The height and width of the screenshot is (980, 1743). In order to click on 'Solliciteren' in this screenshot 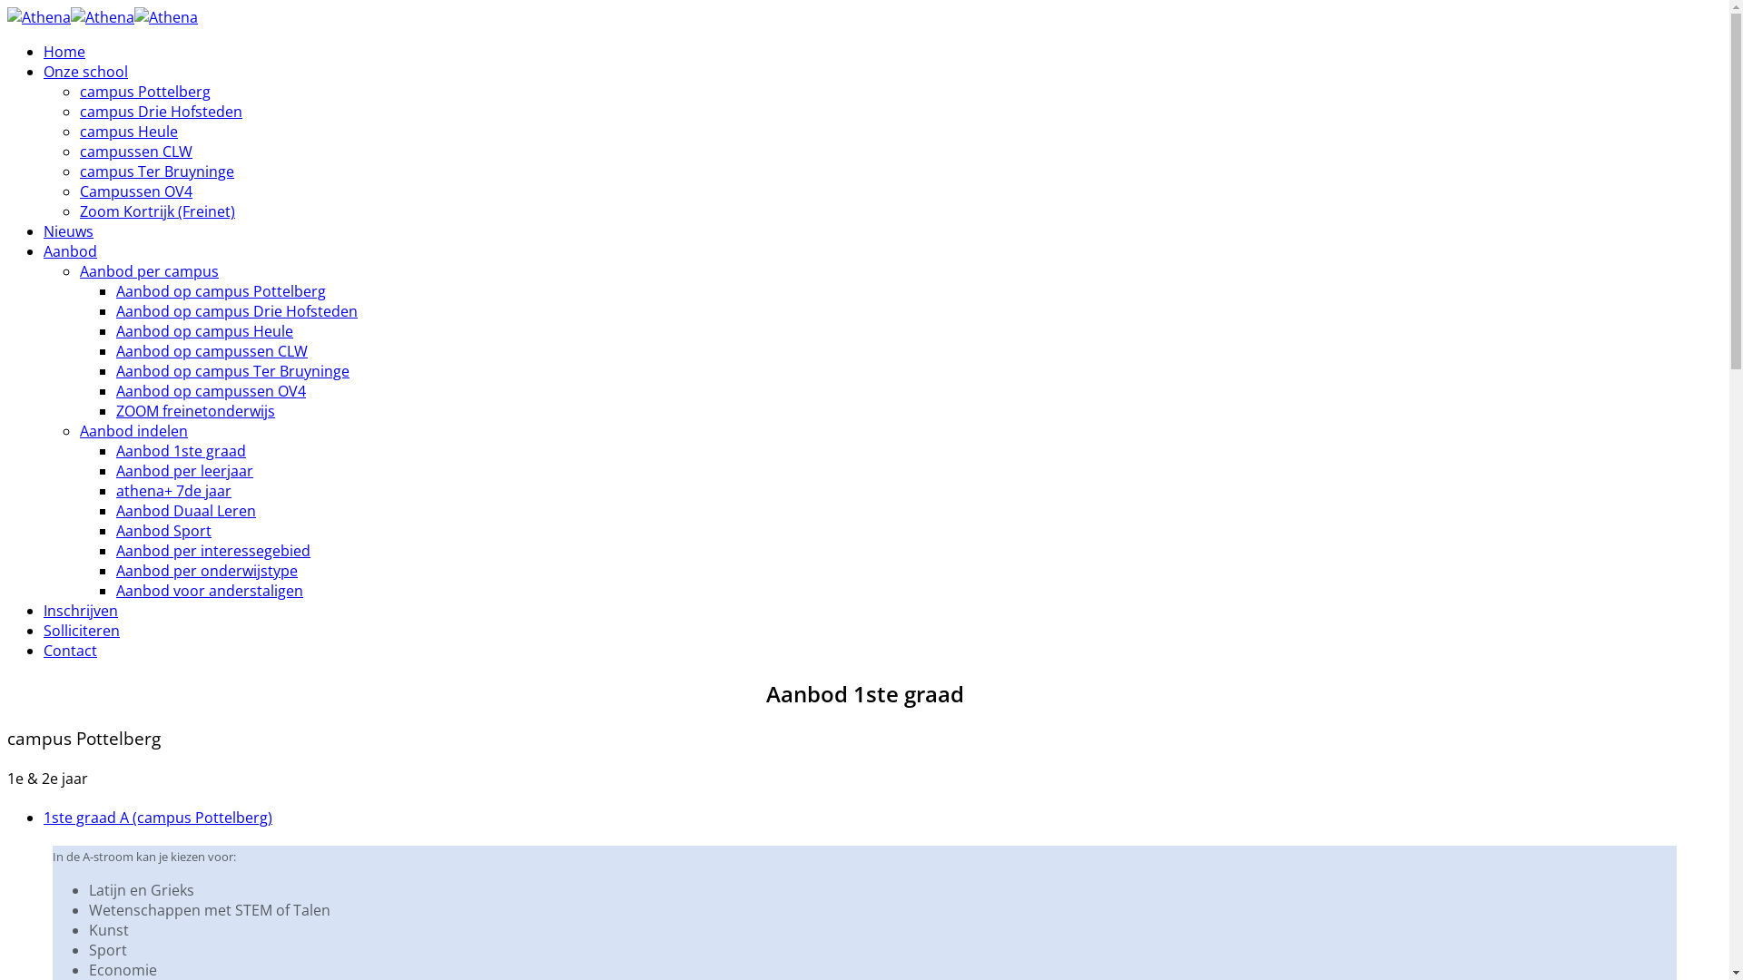, I will do `click(81, 629)`.